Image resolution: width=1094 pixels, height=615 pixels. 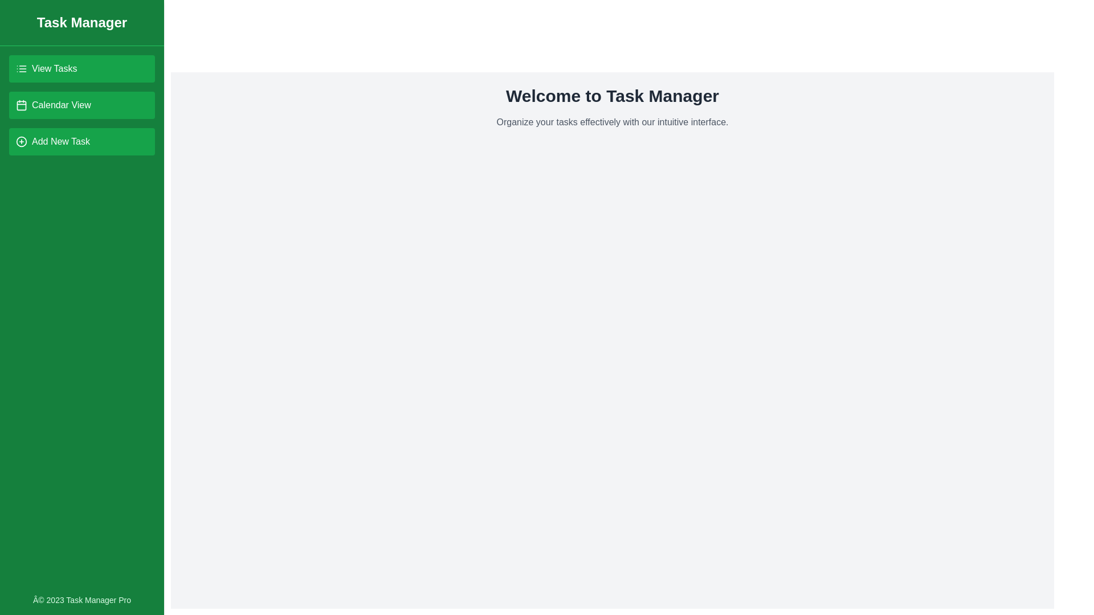 I want to click on the 'Calendar View' button, so click(x=81, y=105).